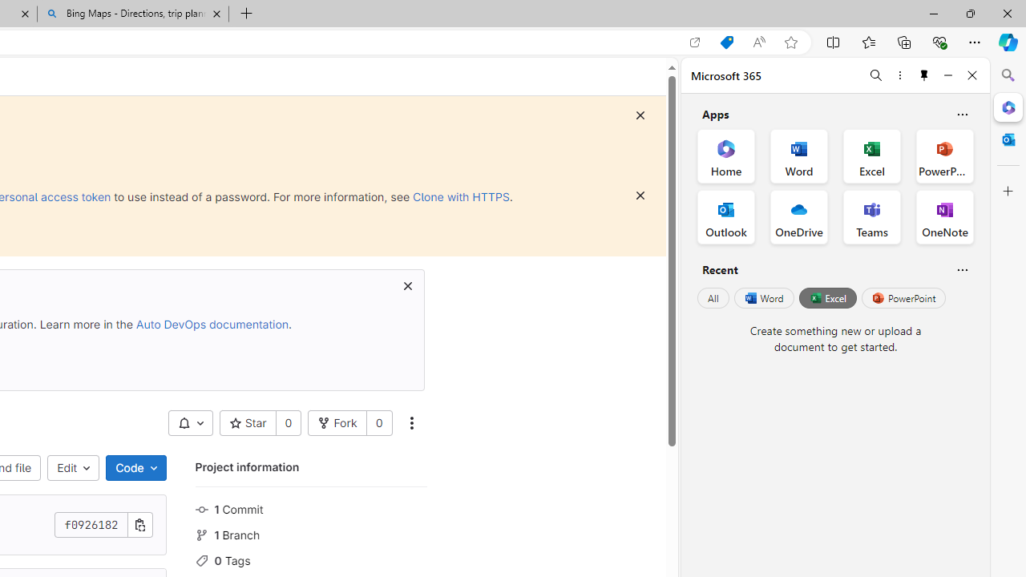 The width and height of the screenshot is (1026, 577). Describe the element at coordinates (139, 525) in the screenshot. I see `'Copy commit SHA'` at that location.